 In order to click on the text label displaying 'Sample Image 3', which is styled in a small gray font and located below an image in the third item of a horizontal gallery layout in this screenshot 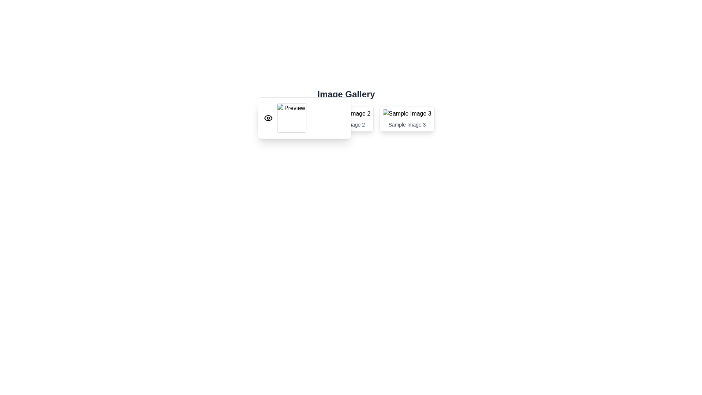, I will do `click(407, 124)`.